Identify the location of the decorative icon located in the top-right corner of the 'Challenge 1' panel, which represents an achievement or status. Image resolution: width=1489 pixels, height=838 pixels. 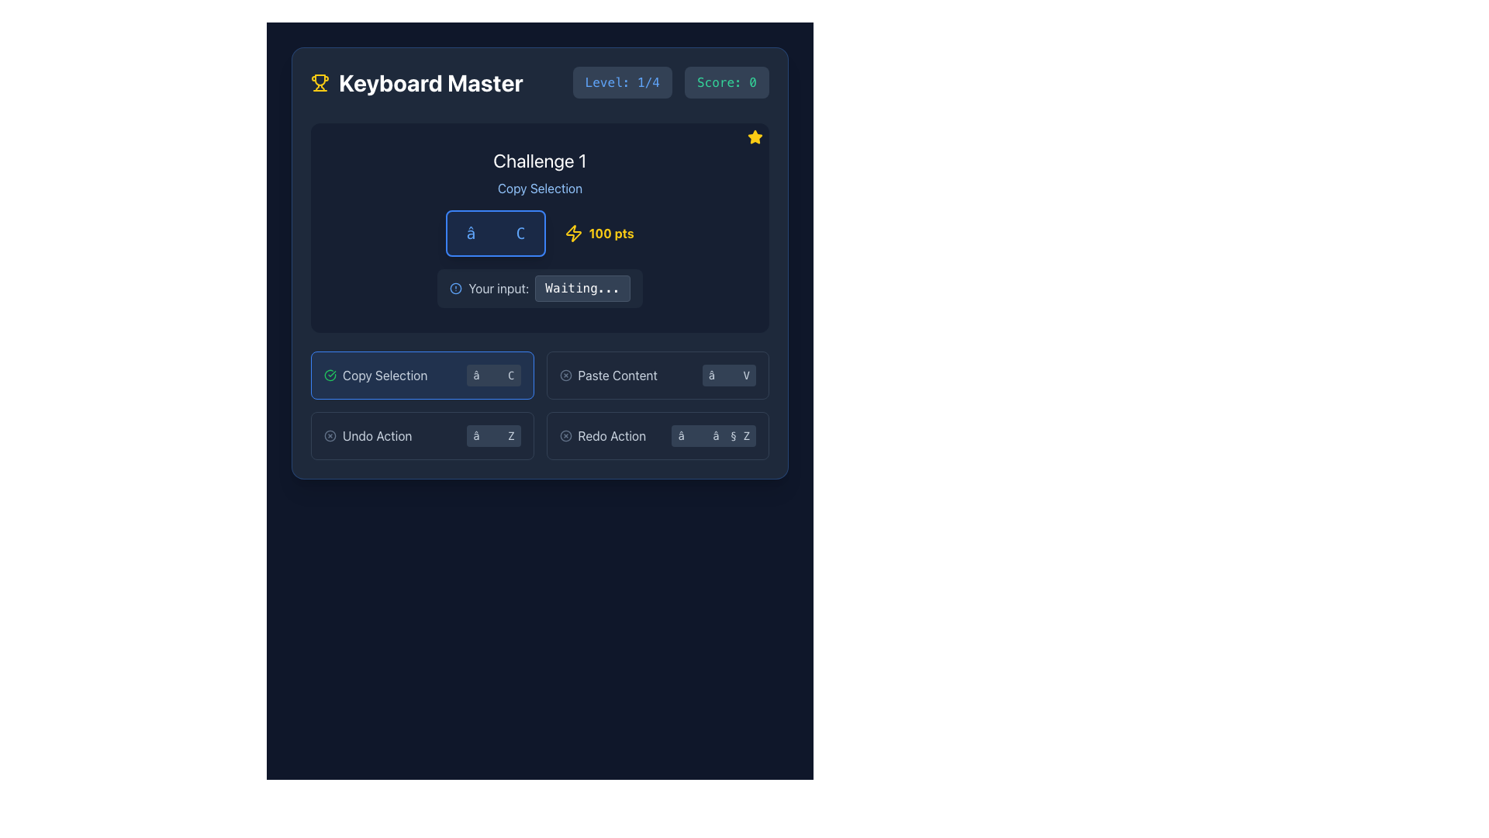
(755, 137).